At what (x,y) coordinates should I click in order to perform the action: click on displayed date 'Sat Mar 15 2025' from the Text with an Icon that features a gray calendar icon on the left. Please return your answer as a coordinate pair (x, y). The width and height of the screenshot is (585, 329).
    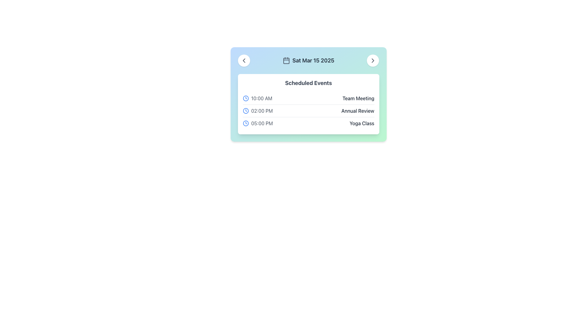
    Looking at the image, I should click on (308, 61).